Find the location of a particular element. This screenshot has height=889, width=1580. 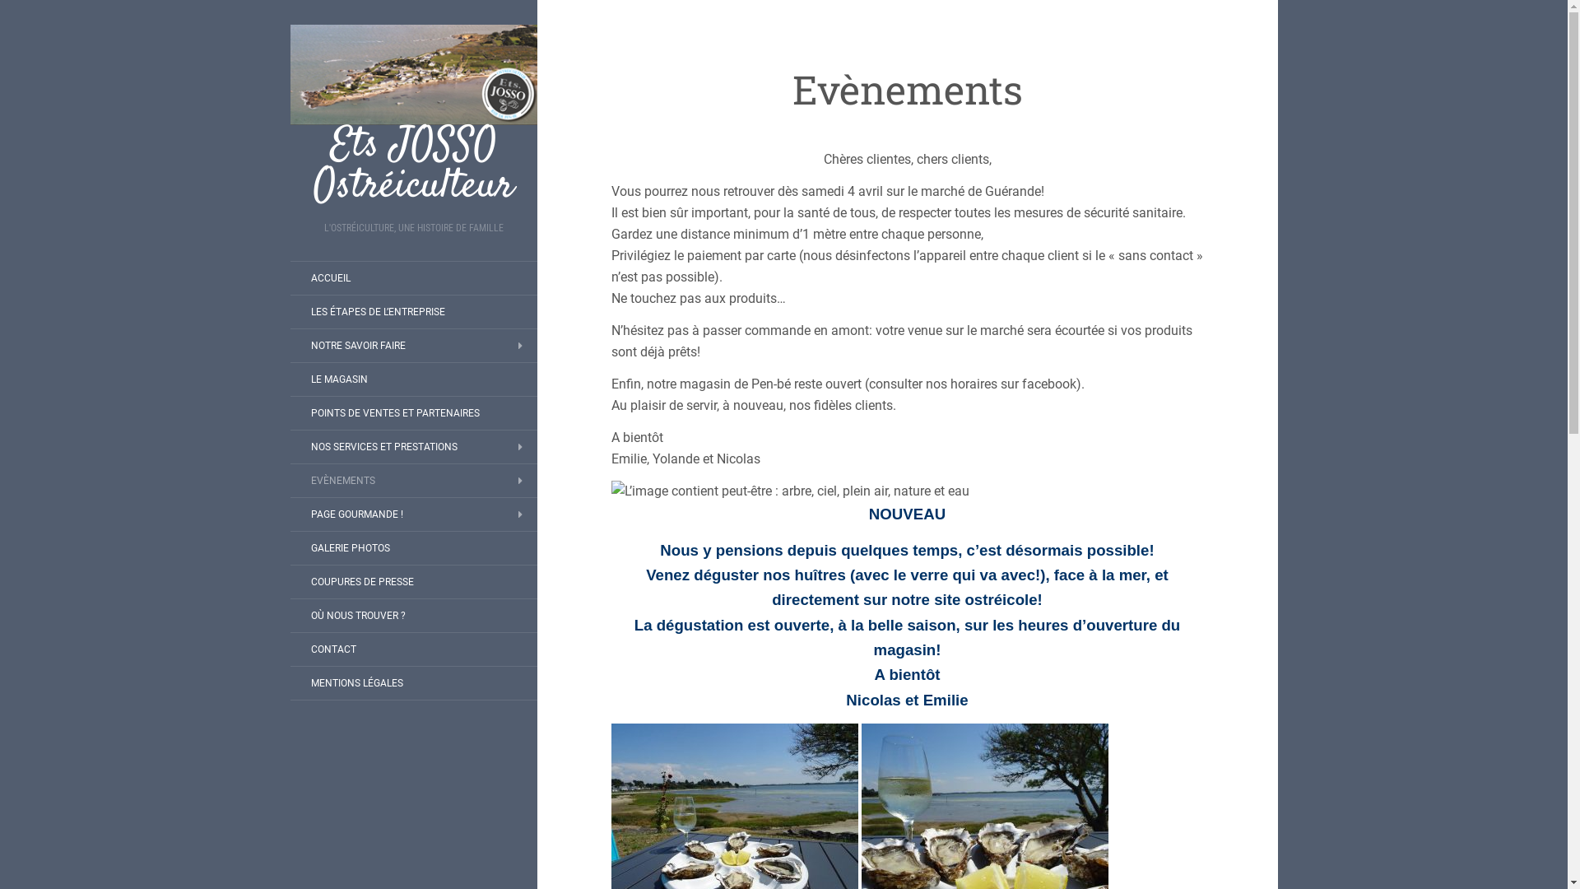

'NOS SERVICES ET PRESTATIONS' is located at coordinates (382, 447).